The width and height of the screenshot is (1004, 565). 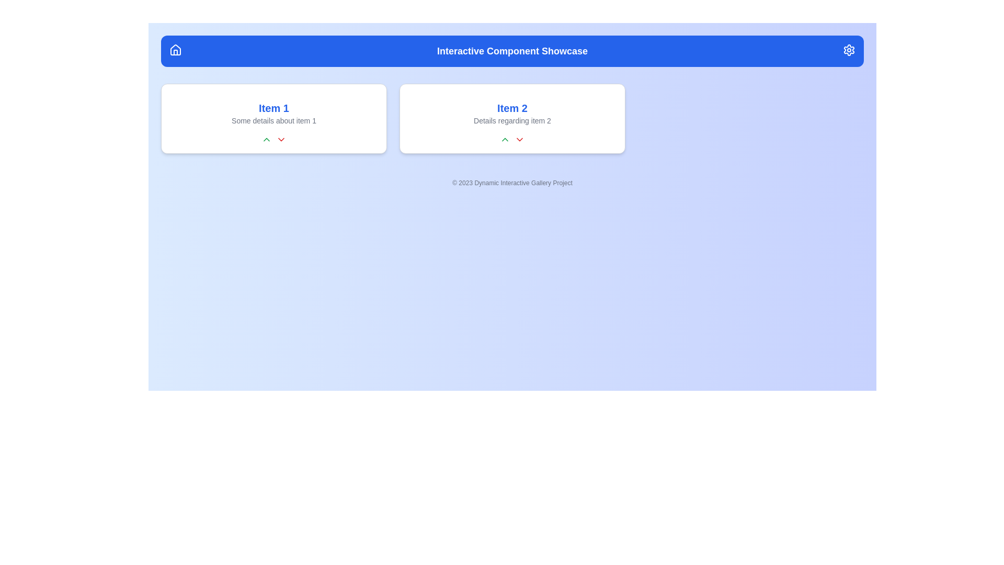 I want to click on the 'expand' icon button located within the card labeled 'Item 1', positioned below the descriptive text and to the left of a red downward-pointing chevron icon, so click(x=505, y=139).